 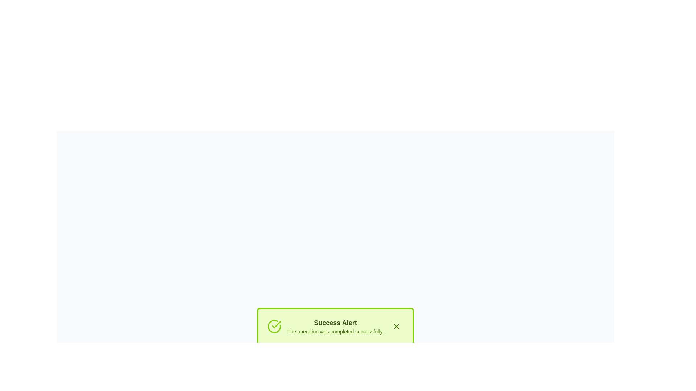 I want to click on the text label displaying 'The operation was completed successfully.' which is styled in small font size and lime green color, located below the 'Success Alert' title in the notification area, so click(x=335, y=331).